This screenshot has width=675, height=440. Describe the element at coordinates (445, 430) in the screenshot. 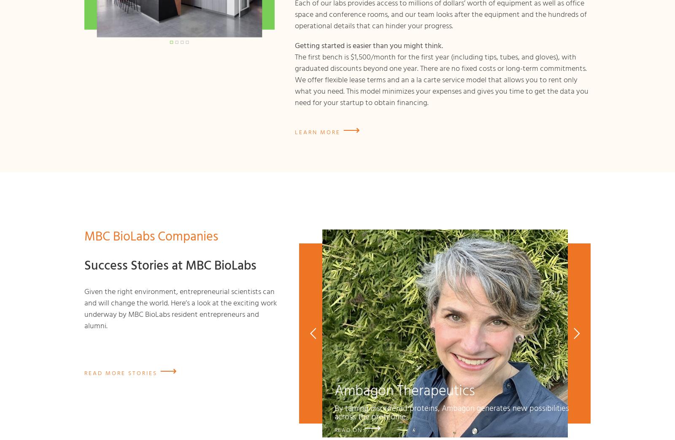

I see `'Cartography Biosciences'` at that location.